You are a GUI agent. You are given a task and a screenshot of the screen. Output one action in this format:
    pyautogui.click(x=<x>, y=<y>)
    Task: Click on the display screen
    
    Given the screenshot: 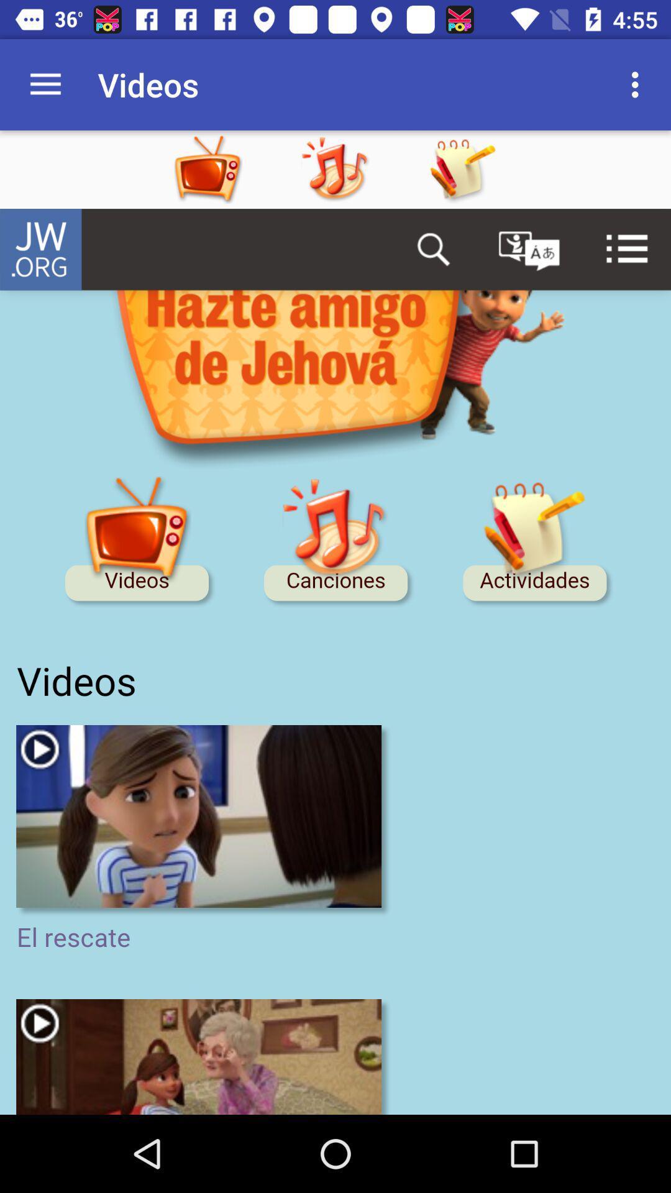 What is the action you would take?
    pyautogui.click(x=335, y=661)
    